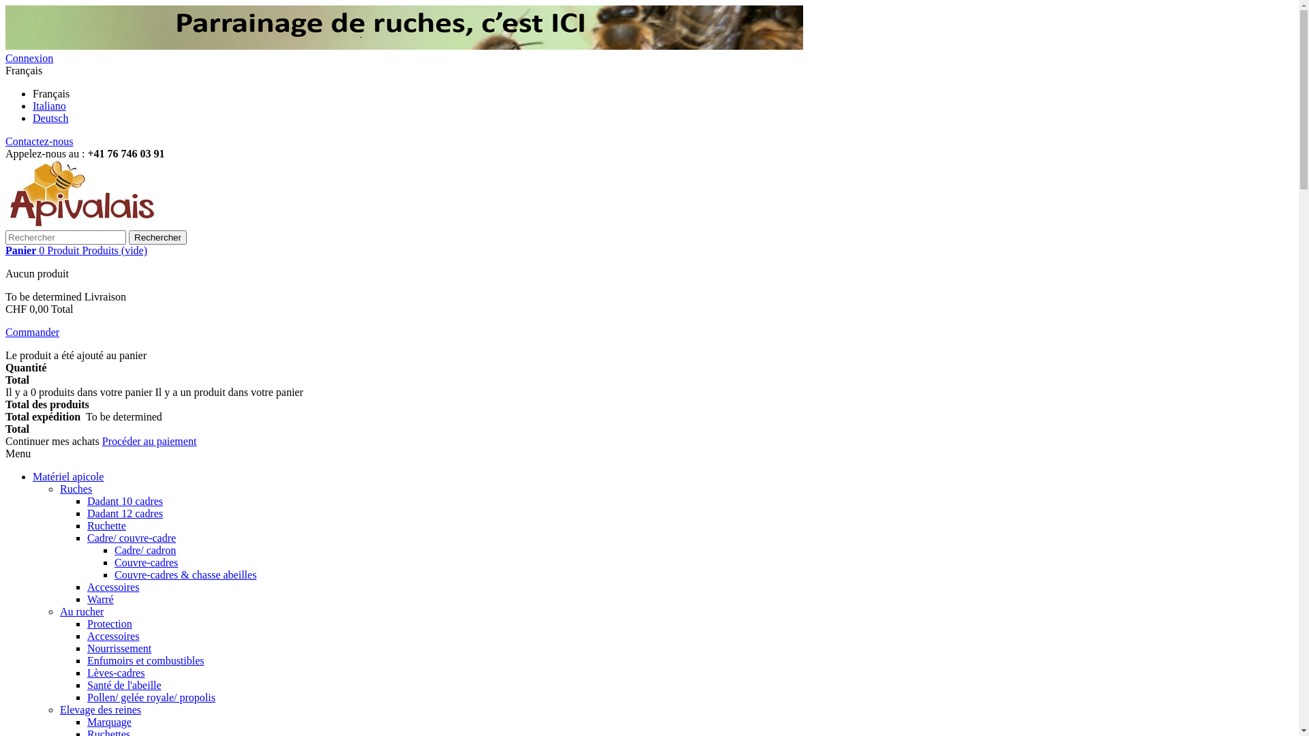  What do you see at coordinates (109, 721) in the screenshot?
I see `'Marquage'` at bounding box center [109, 721].